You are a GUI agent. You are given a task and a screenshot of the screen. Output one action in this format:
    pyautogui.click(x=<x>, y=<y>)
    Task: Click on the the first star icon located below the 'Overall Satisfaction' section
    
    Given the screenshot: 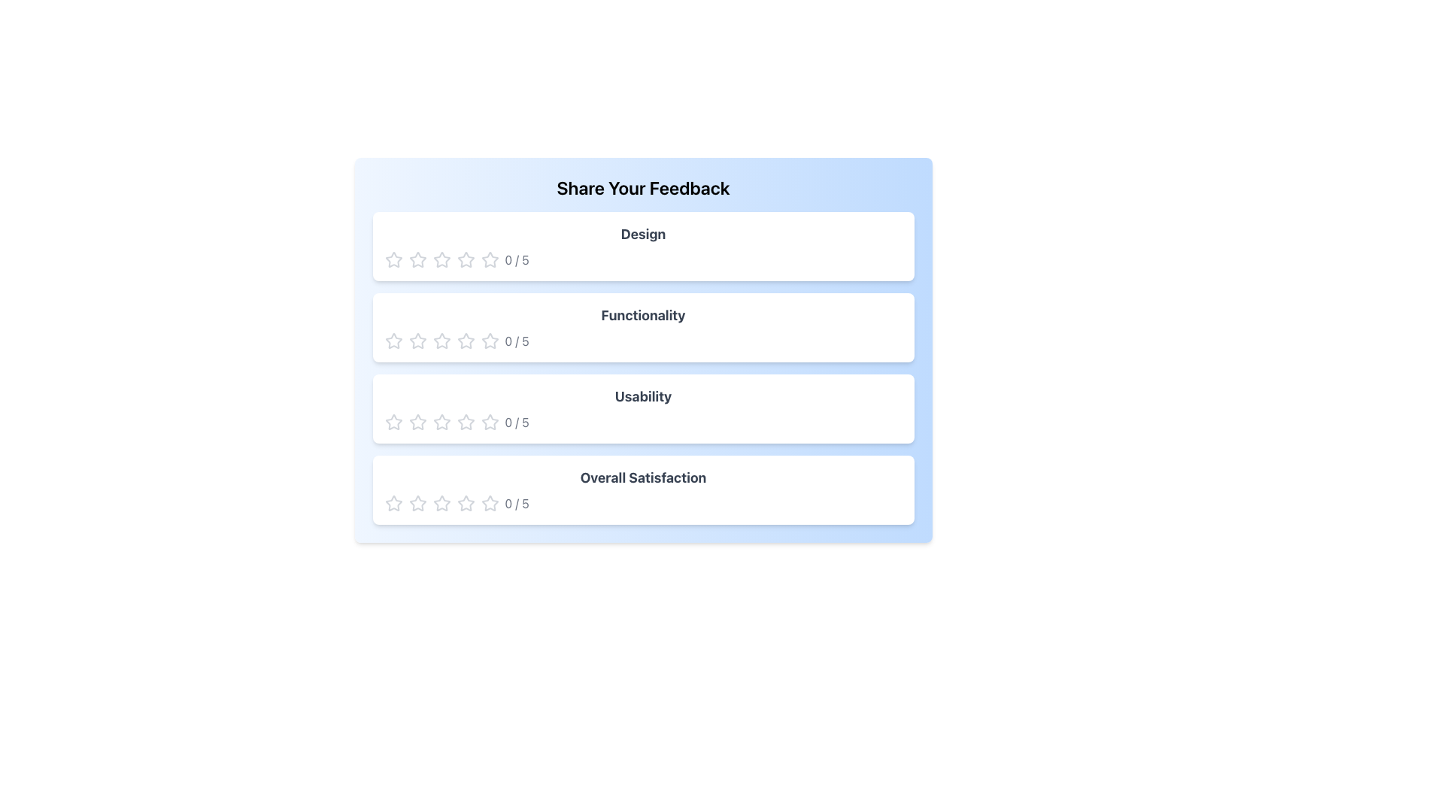 What is the action you would take?
    pyautogui.click(x=417, y=503)
    